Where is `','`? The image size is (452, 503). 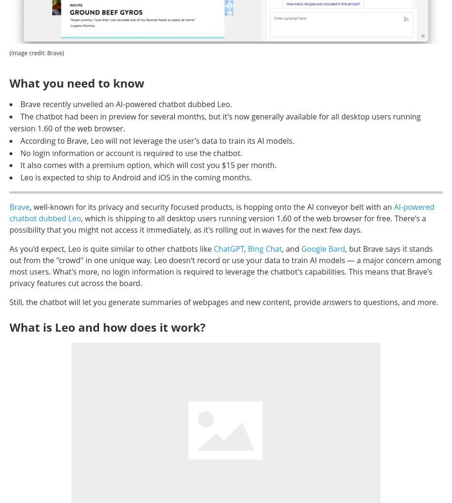
',' is located at coordinates (246, 249).